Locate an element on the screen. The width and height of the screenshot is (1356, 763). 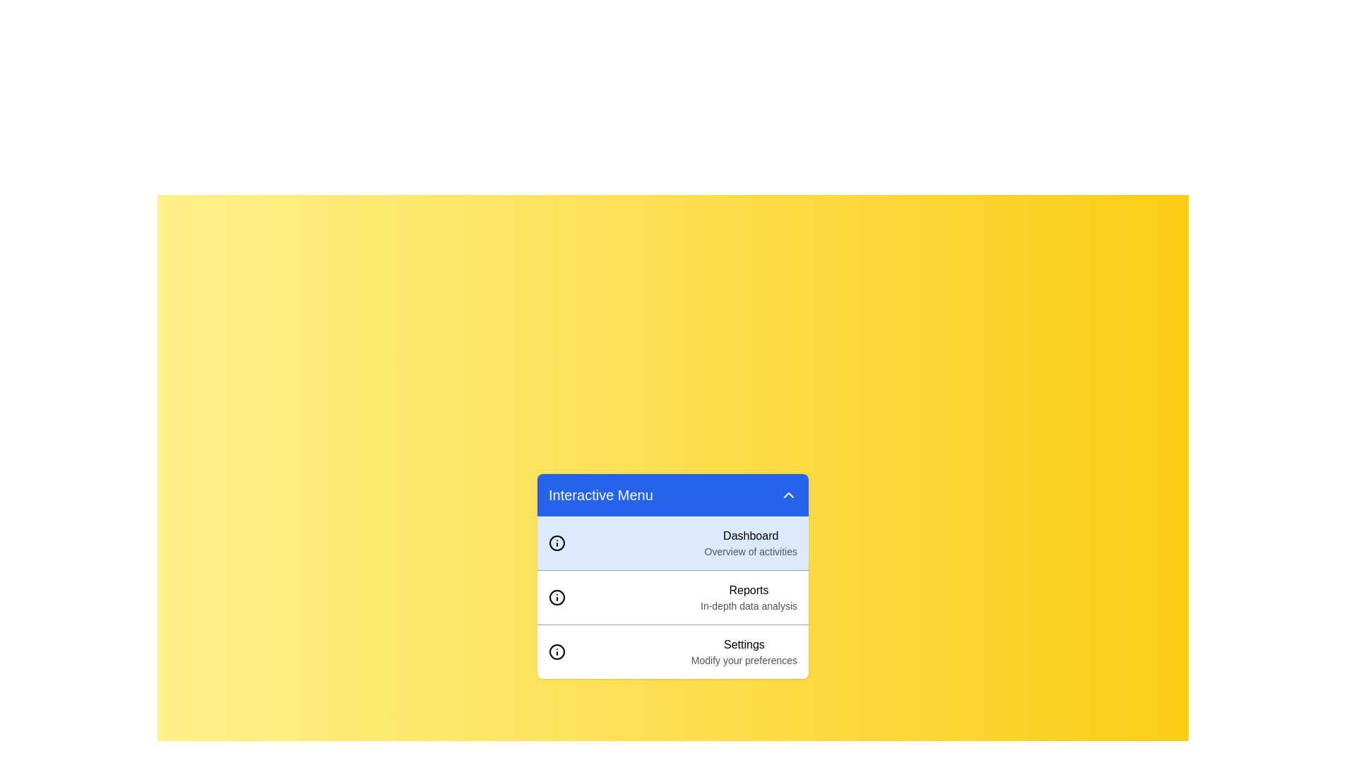
the toggle button in the header of the panel to toggle the visibility of the menu is located at coordinates (788, 495).